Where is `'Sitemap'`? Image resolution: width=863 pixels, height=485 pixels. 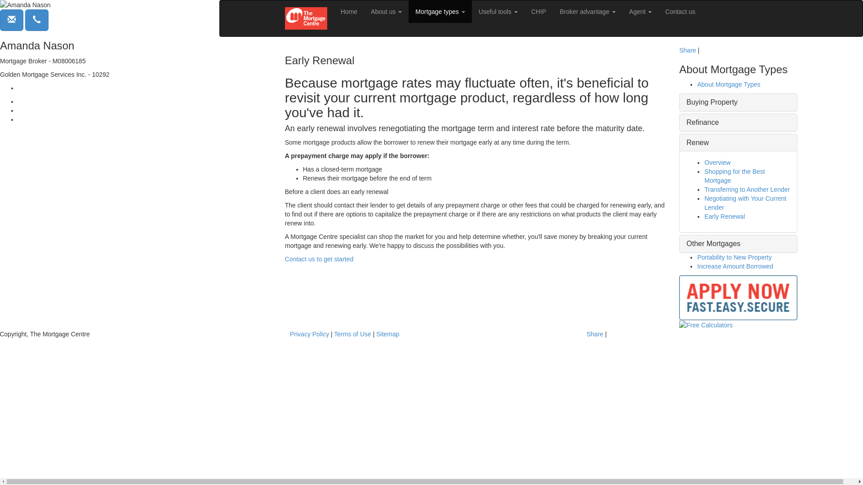
'Sitemap' is located at coordinates (387, 334).